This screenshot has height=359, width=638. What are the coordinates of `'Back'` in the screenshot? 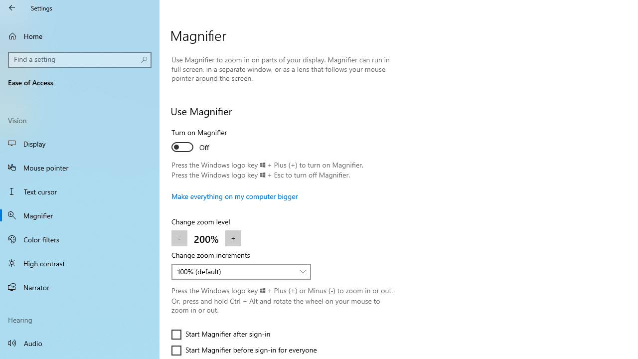 It's located at (12, 7).